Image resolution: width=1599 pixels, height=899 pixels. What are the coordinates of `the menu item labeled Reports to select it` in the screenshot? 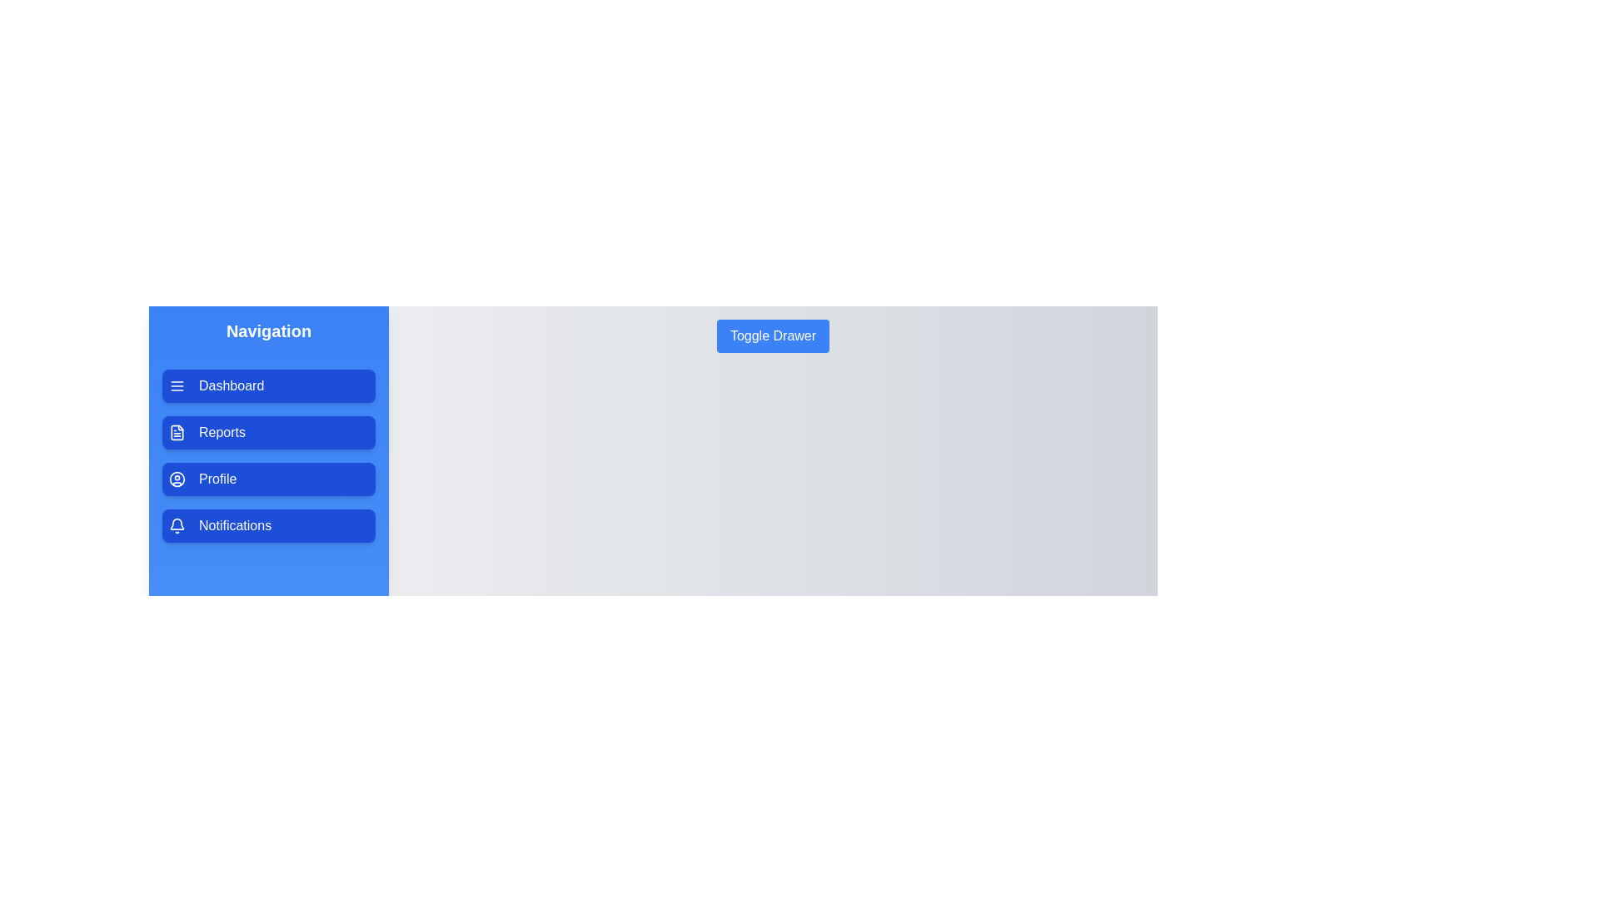 It's located at (268, 432).